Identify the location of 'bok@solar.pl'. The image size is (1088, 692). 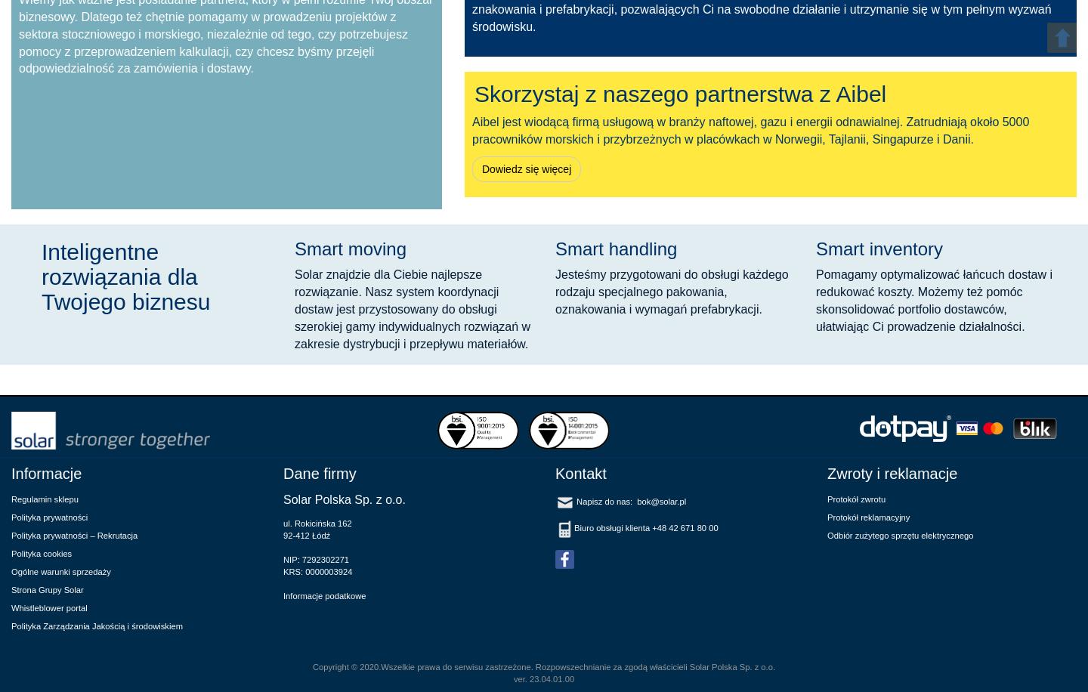
(659, 501).